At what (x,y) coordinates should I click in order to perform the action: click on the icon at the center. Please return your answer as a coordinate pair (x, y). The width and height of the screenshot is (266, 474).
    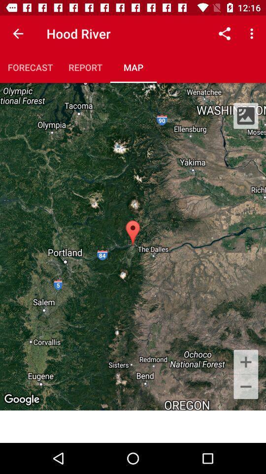
    Looking at the image, I should click on (133, 246).